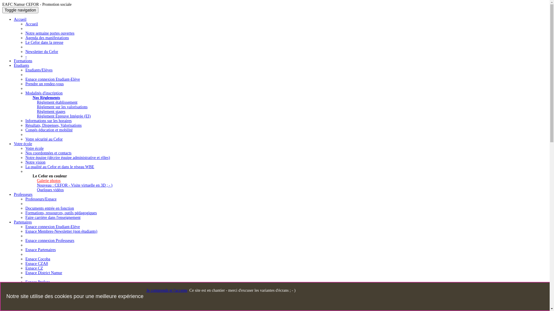 This screenshot has width=554, height=311. What do you see at coordinates (44, 84) in the screenshot?
I see `'Prendre un rendez-vous'` at bounding box center [44, 84].